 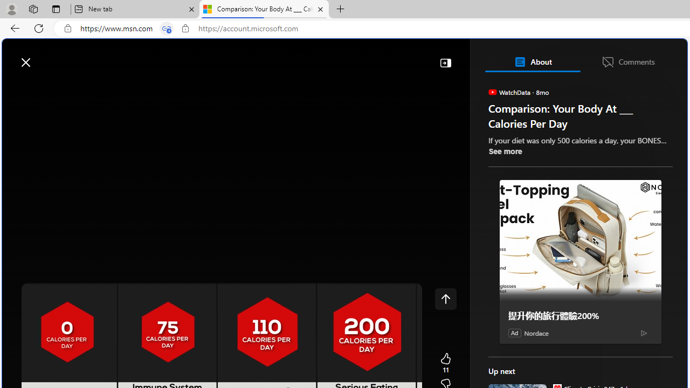 What do you see at coordinates (628, 61) in the screenshot?
I see `'Comments'` at bounding box center [628, 61].